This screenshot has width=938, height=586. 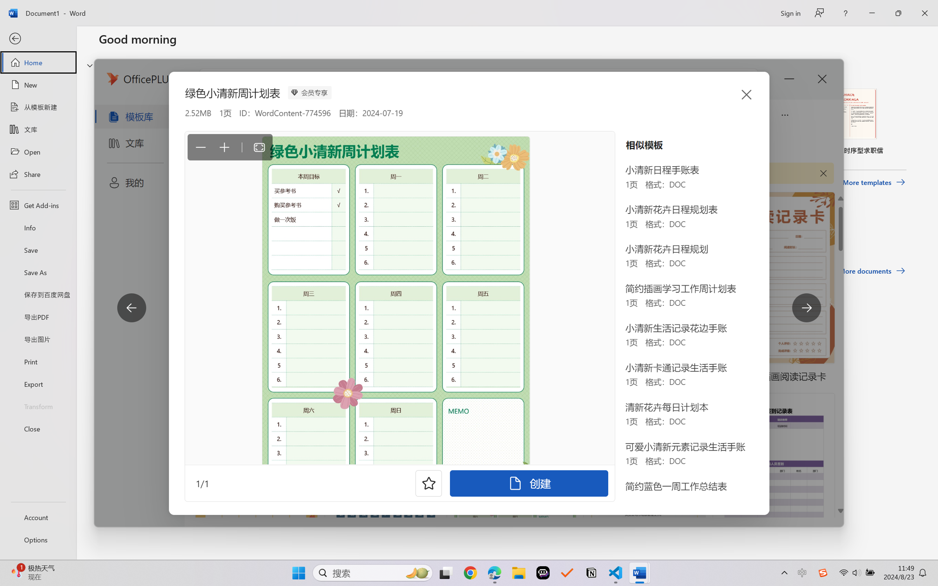 What do you see at coordinates (90, 65) in the screenshot?
I see `'Hide or show region'` at bounding box center [90, 65].